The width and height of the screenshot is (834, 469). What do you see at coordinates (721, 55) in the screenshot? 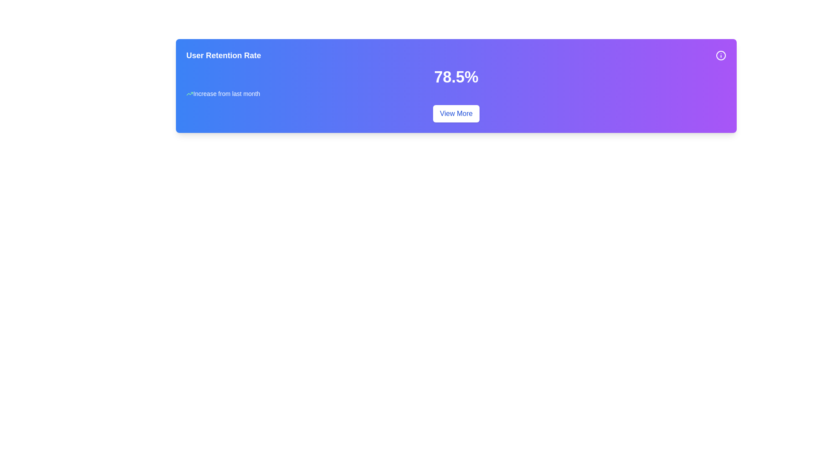
I see `the info SVG Icon located at the right corner of the row containing 'User Retention Rate'` at bounding box center [721, 55].